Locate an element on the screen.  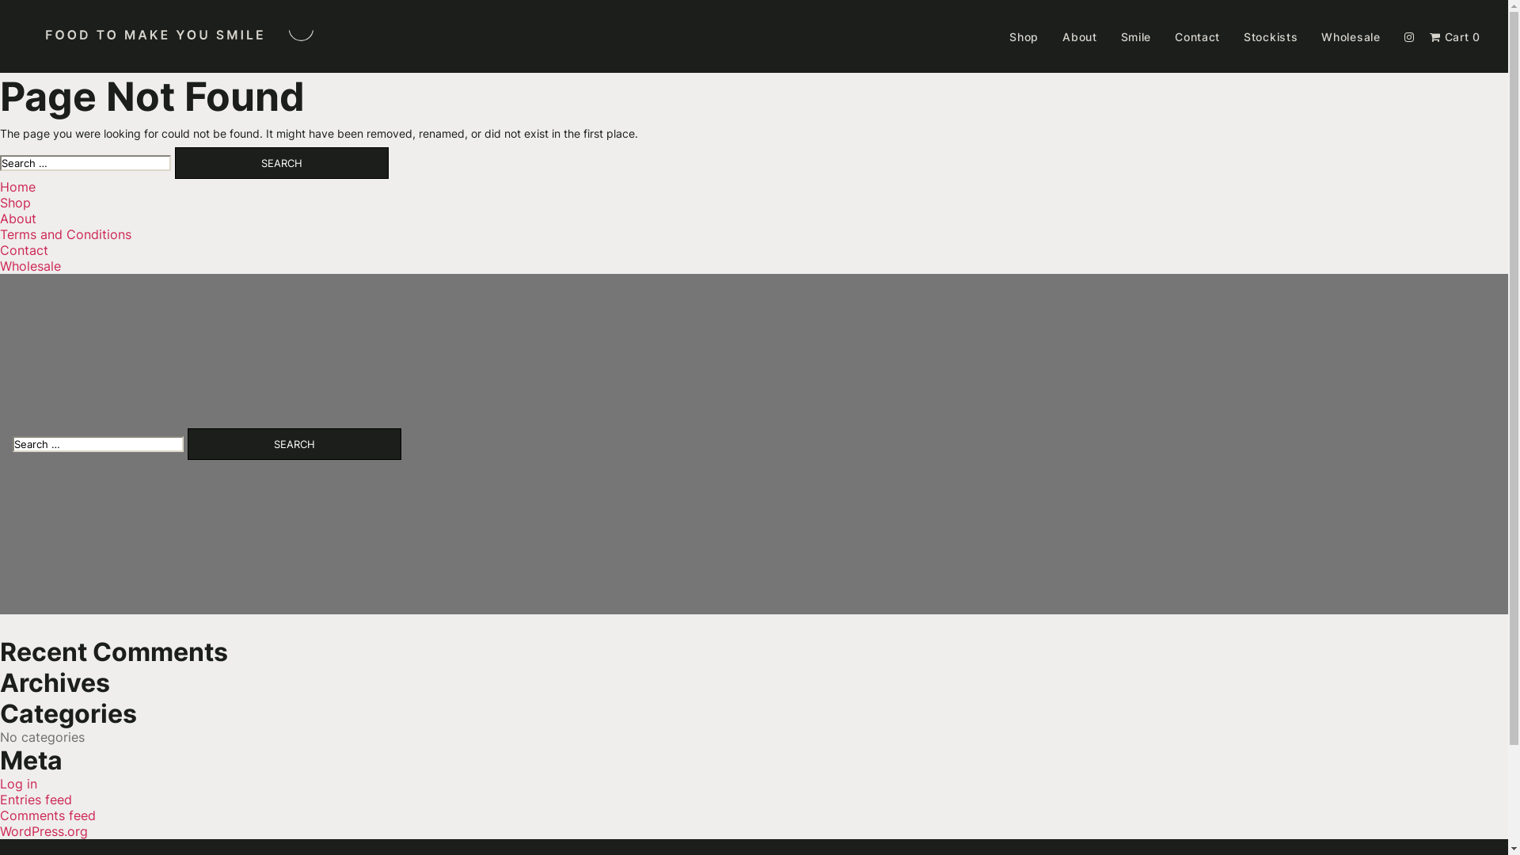
'Wholesale' is located at coordinates (1349, 36).